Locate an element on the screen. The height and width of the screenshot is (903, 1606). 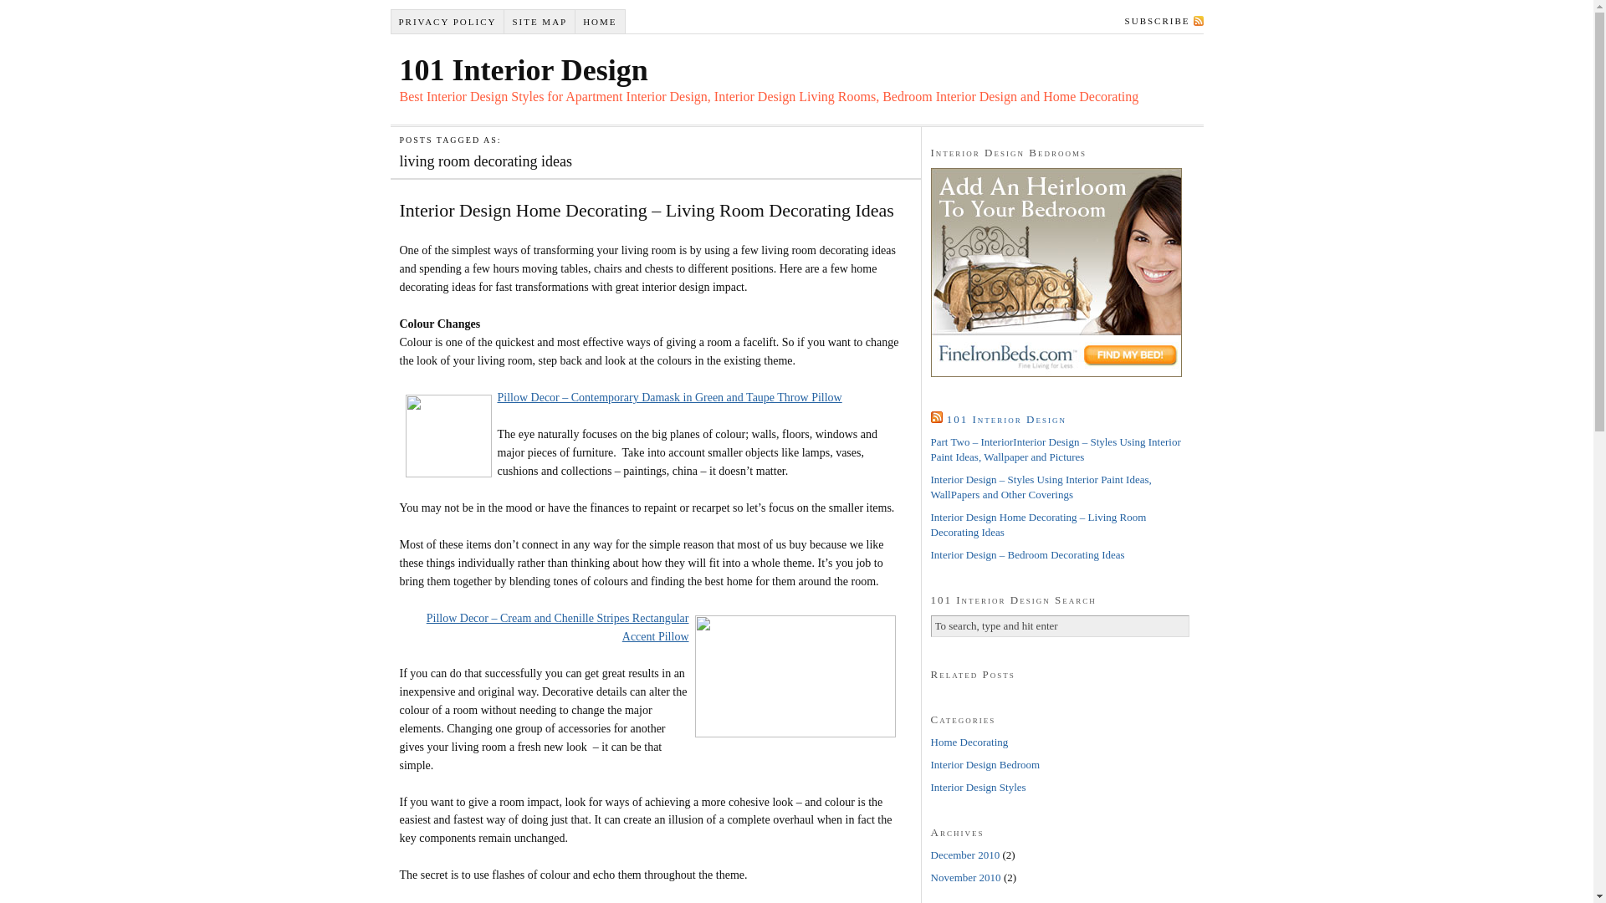
'SUBSCRIBE' is located at coordinates (1159, 20).